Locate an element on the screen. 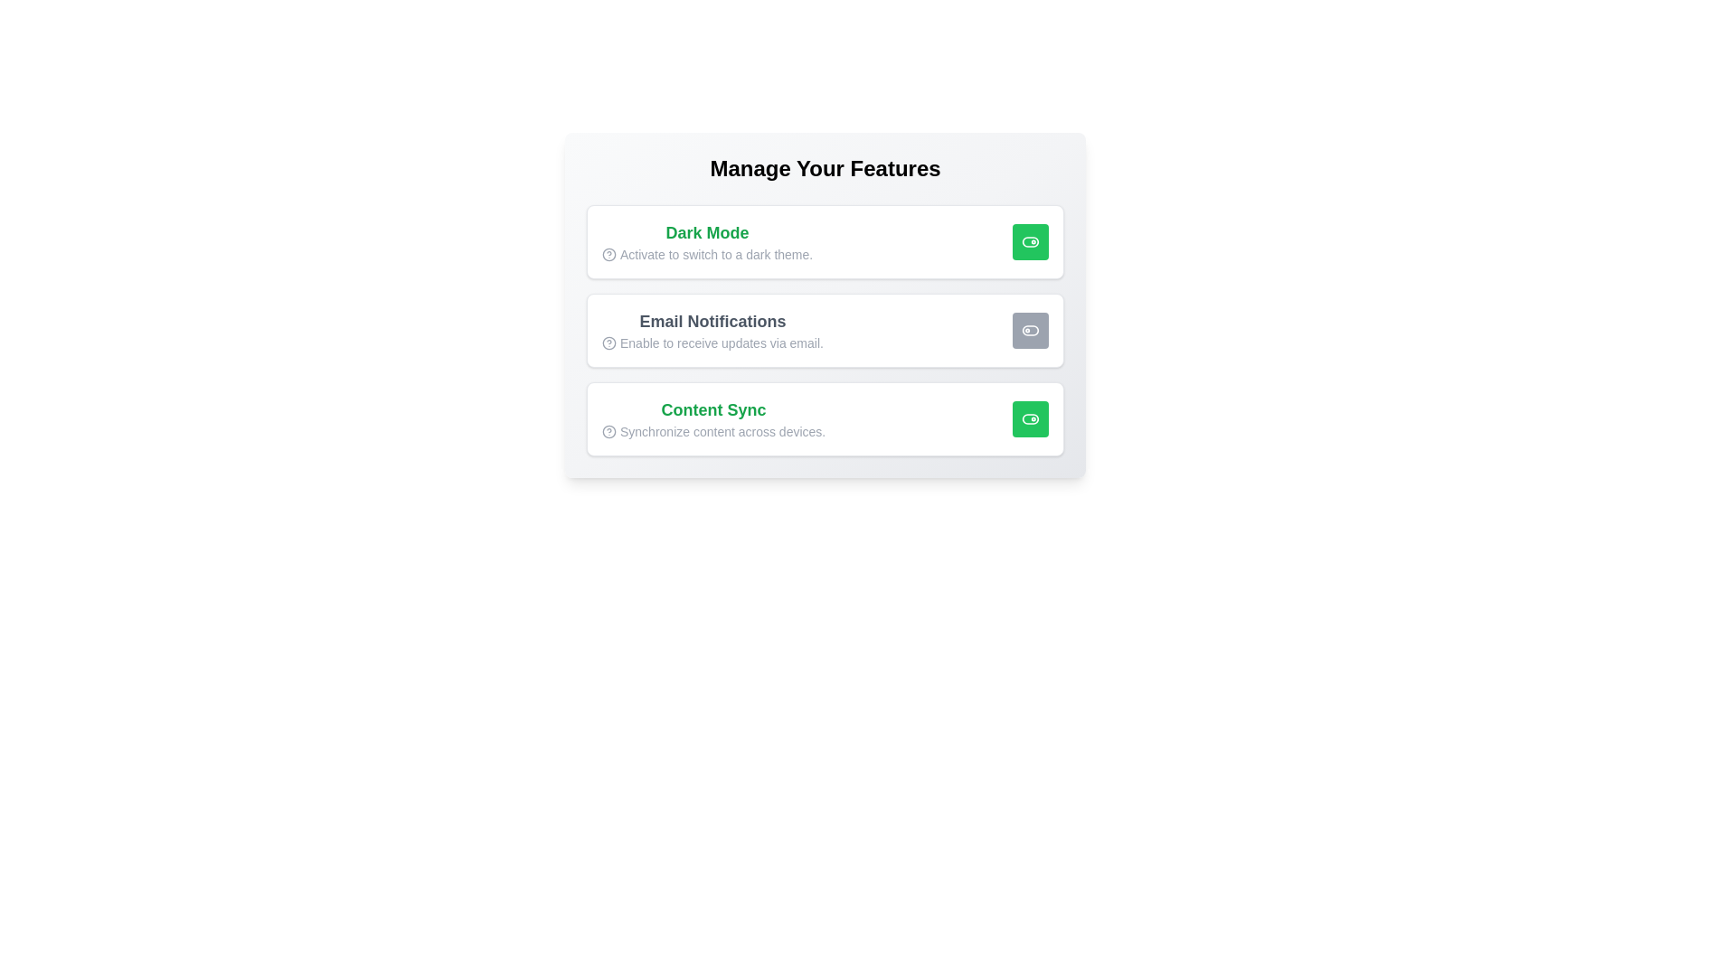  the text Dark Mode by selecting it is located at coordinates (706, 232).